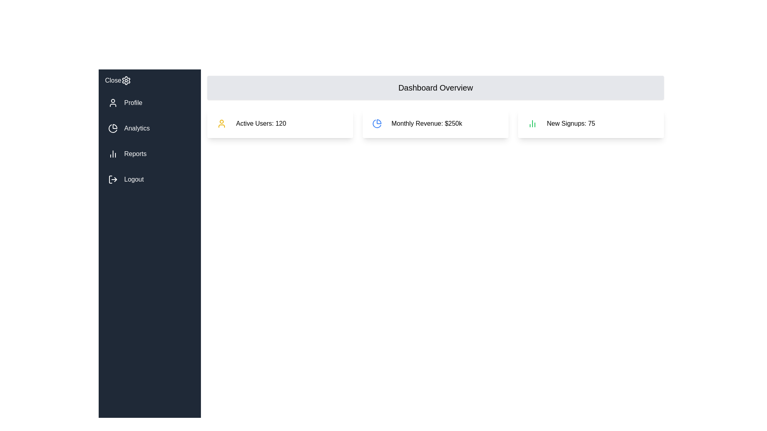 The image size is (767, 431). I want to click on the graphical vector component of the logout icon located in the sidebar, which is the leftmost part of the logout button group, so click(110, 180).